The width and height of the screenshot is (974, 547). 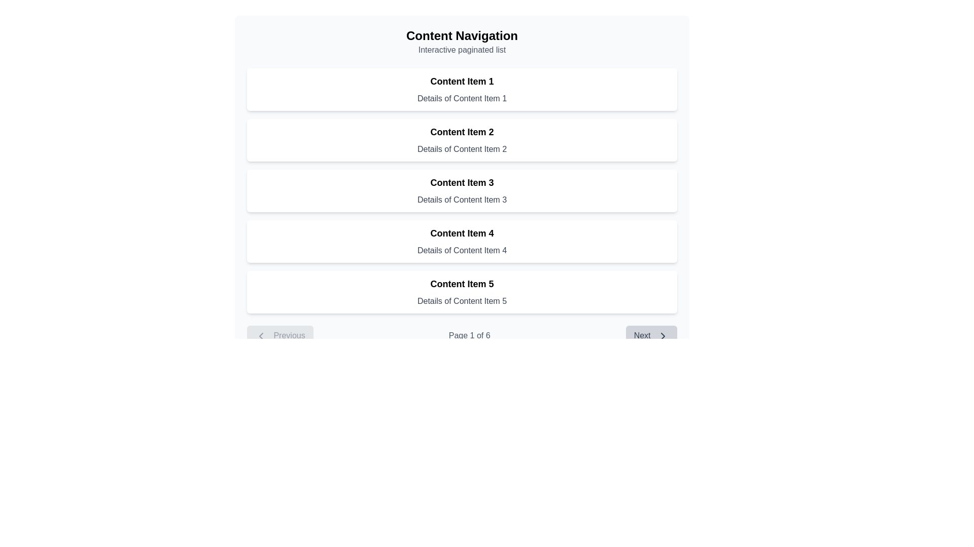 I want to click on the non-interactive text label providing supplementary information about 'Content Item 4', located below its title within a white card-like structure, so click(x=462, y=250).